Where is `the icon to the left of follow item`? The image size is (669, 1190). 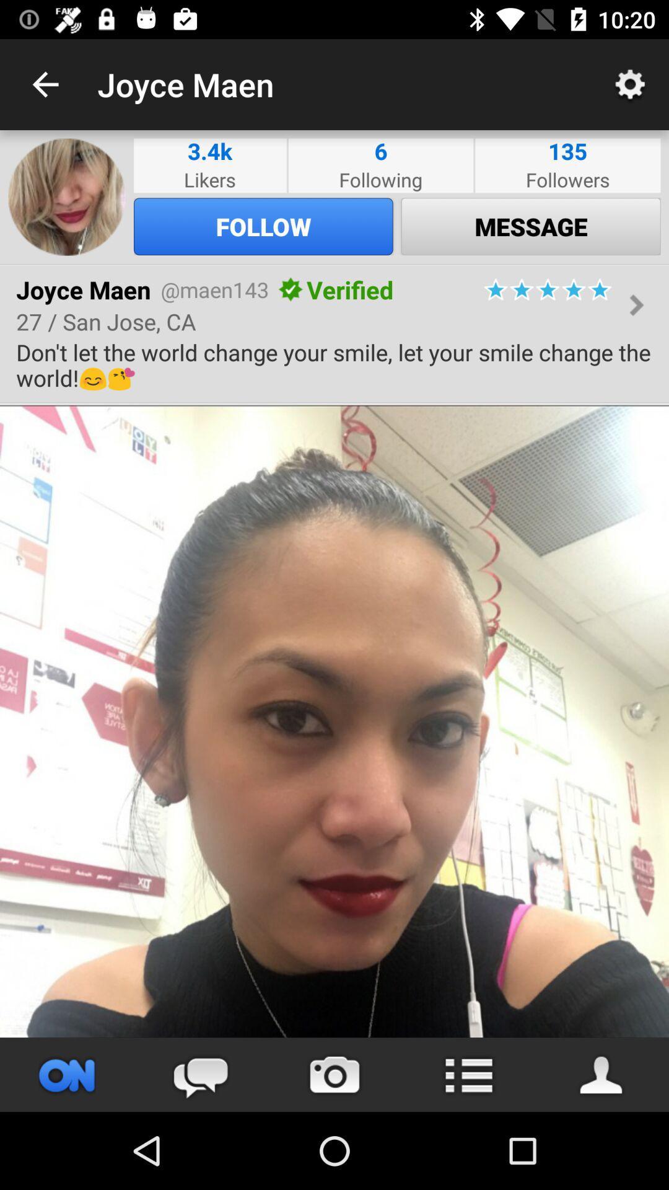 the icon to the left of follow item is located at coordinates (67, 196).